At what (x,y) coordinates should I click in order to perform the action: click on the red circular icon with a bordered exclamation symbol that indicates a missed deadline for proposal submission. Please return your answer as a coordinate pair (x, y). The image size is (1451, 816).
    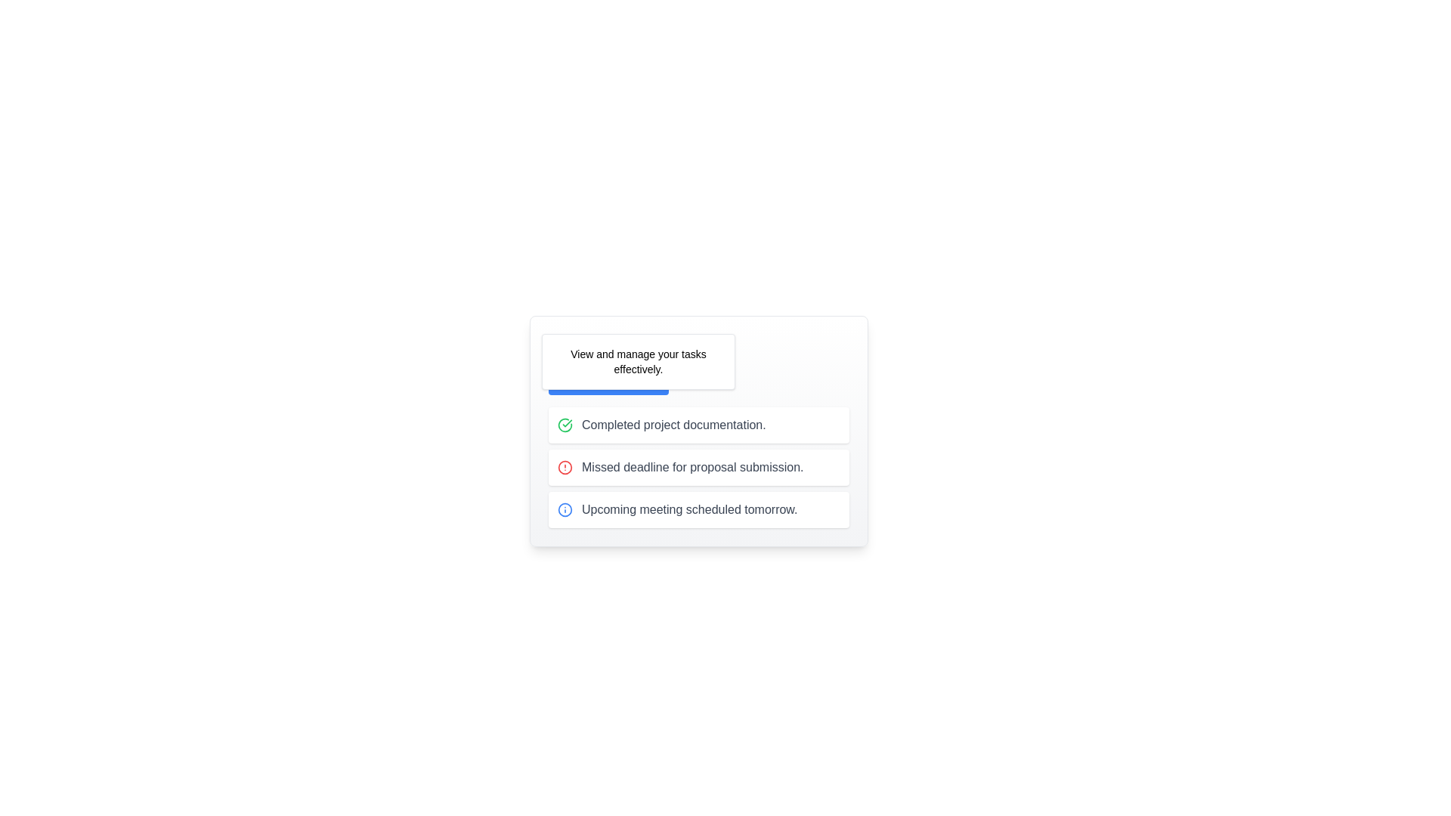
    Looking at the image, I should click on (565, 466).